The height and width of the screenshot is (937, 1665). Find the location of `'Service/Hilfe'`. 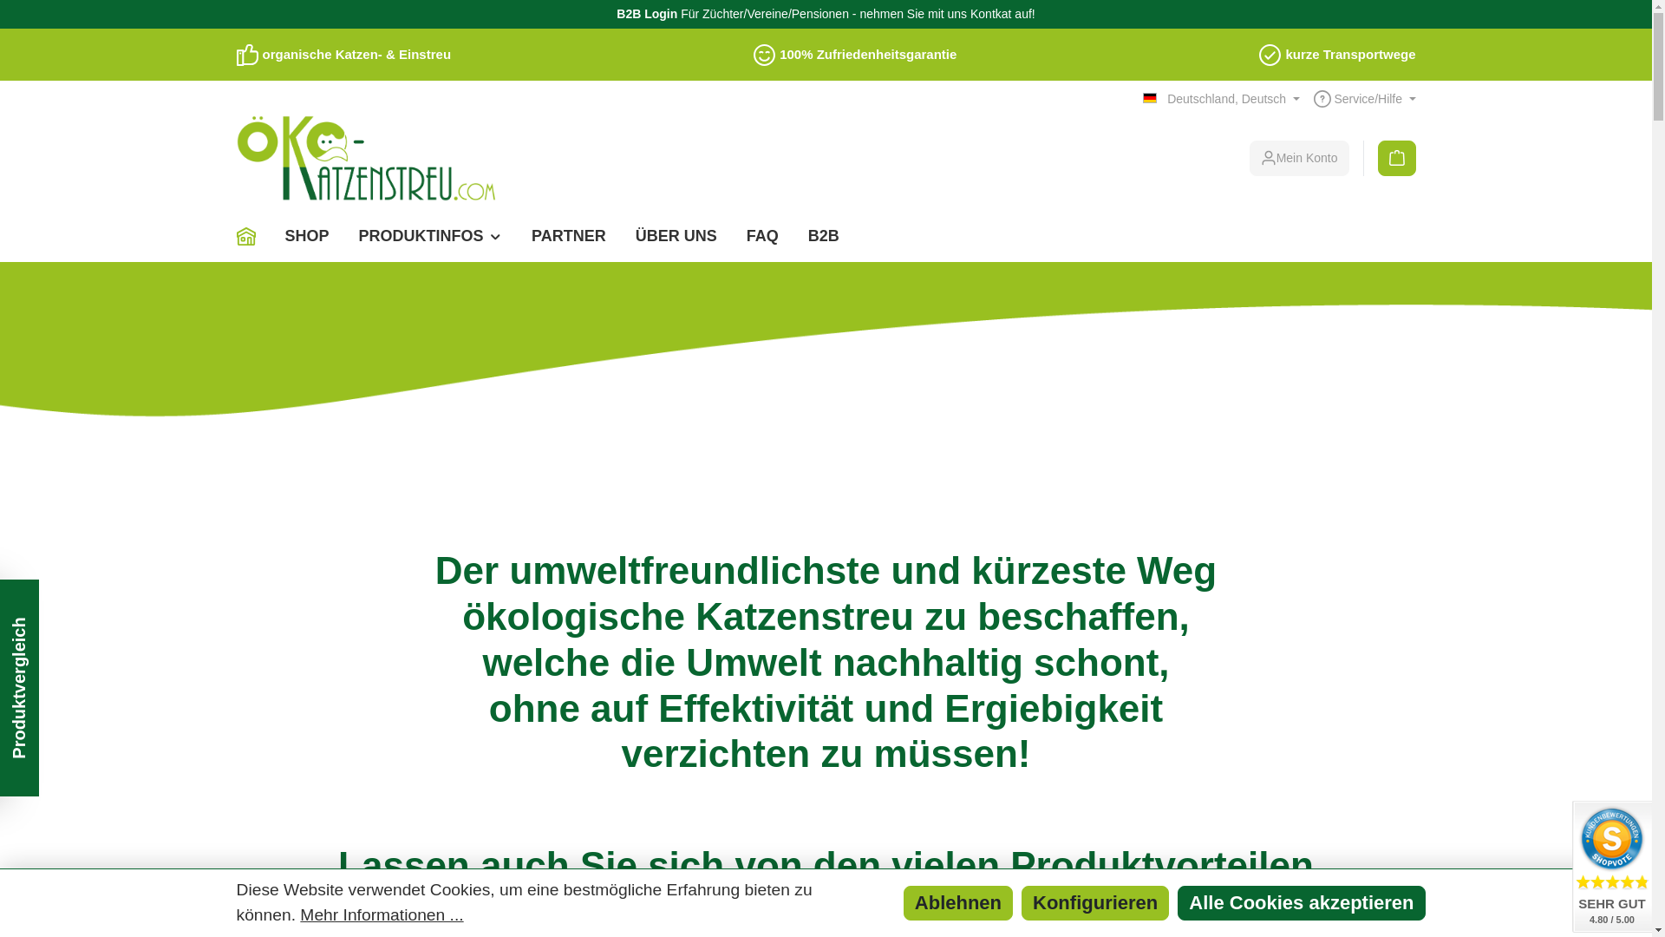

'Service/Hilfe' is located at coordinates (1364, 99).